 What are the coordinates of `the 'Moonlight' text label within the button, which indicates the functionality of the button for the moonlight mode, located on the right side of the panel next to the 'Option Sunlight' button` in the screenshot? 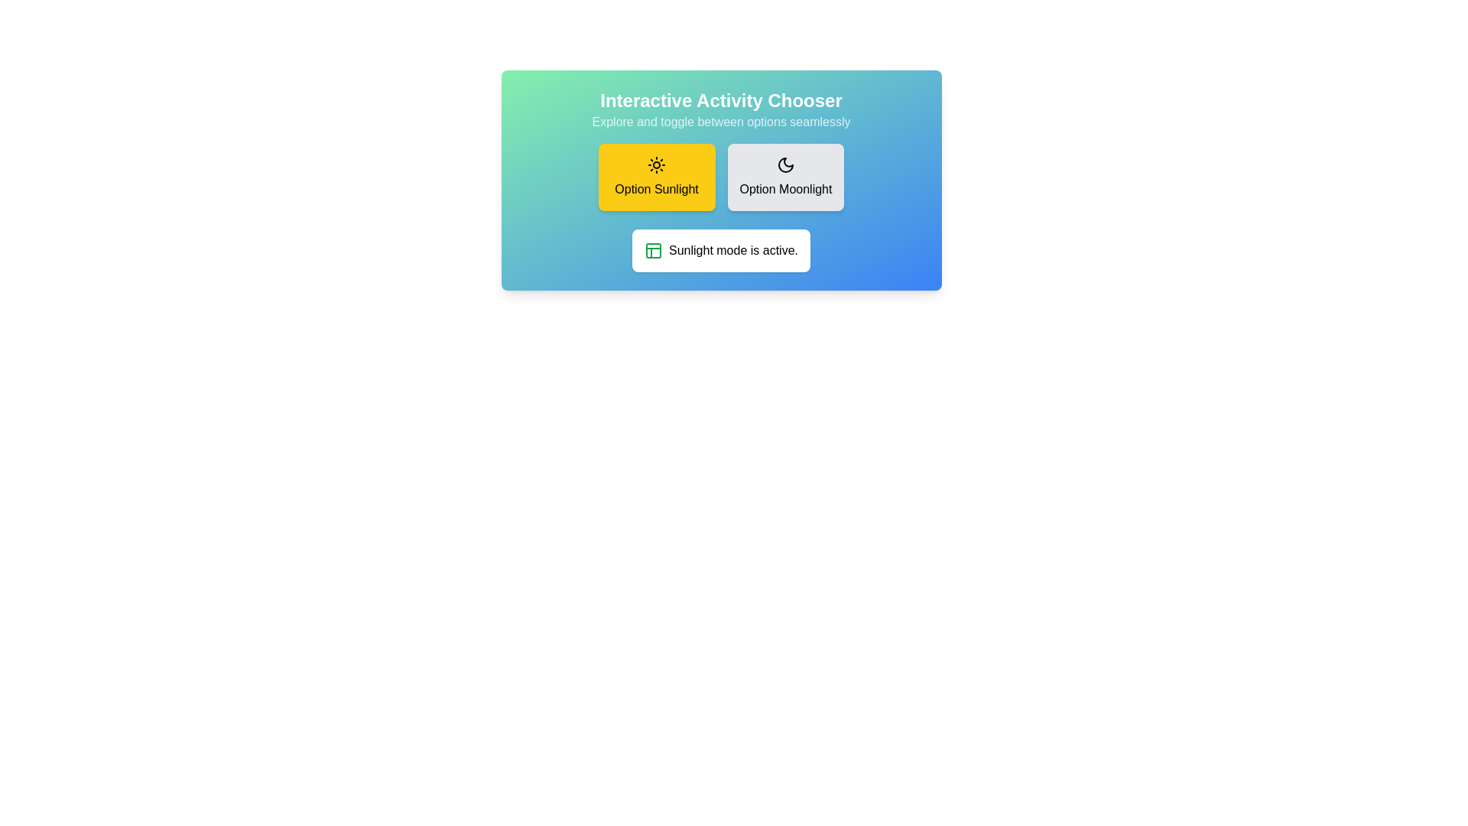 It's located at (785, 188).